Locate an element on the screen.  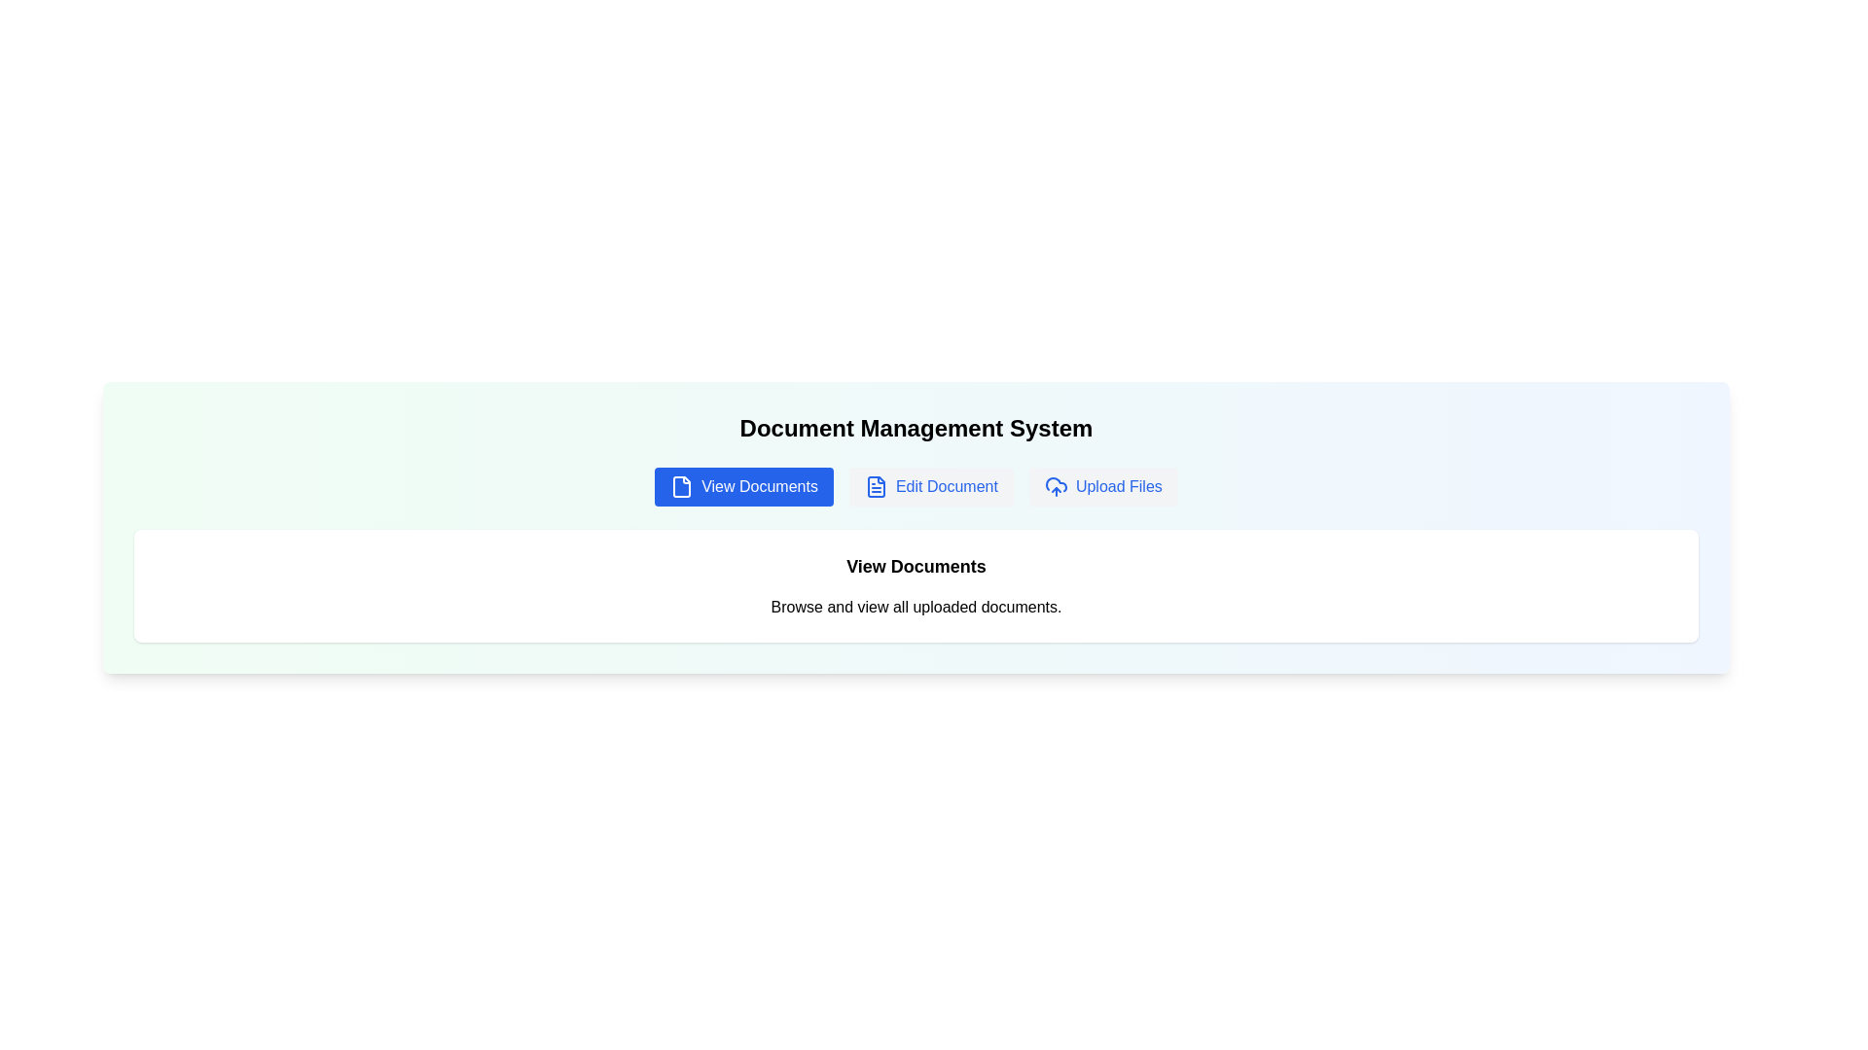
the View Documents tab to interact with it is located at coordinates (743, 486).